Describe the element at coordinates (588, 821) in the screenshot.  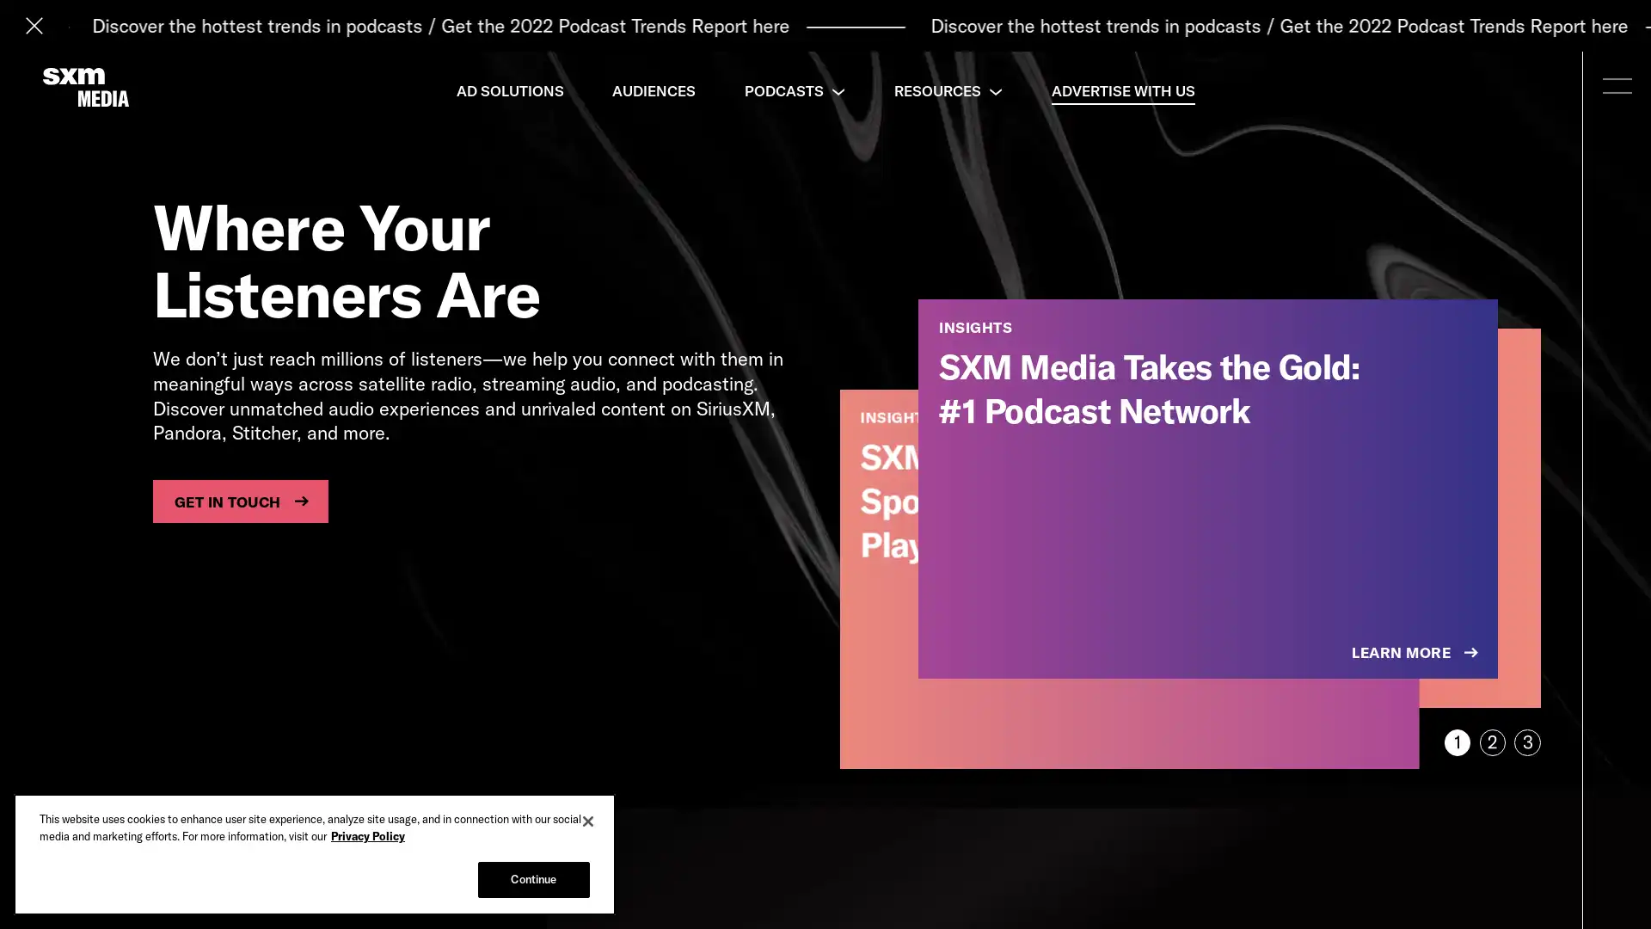
I see `Close` at that location.